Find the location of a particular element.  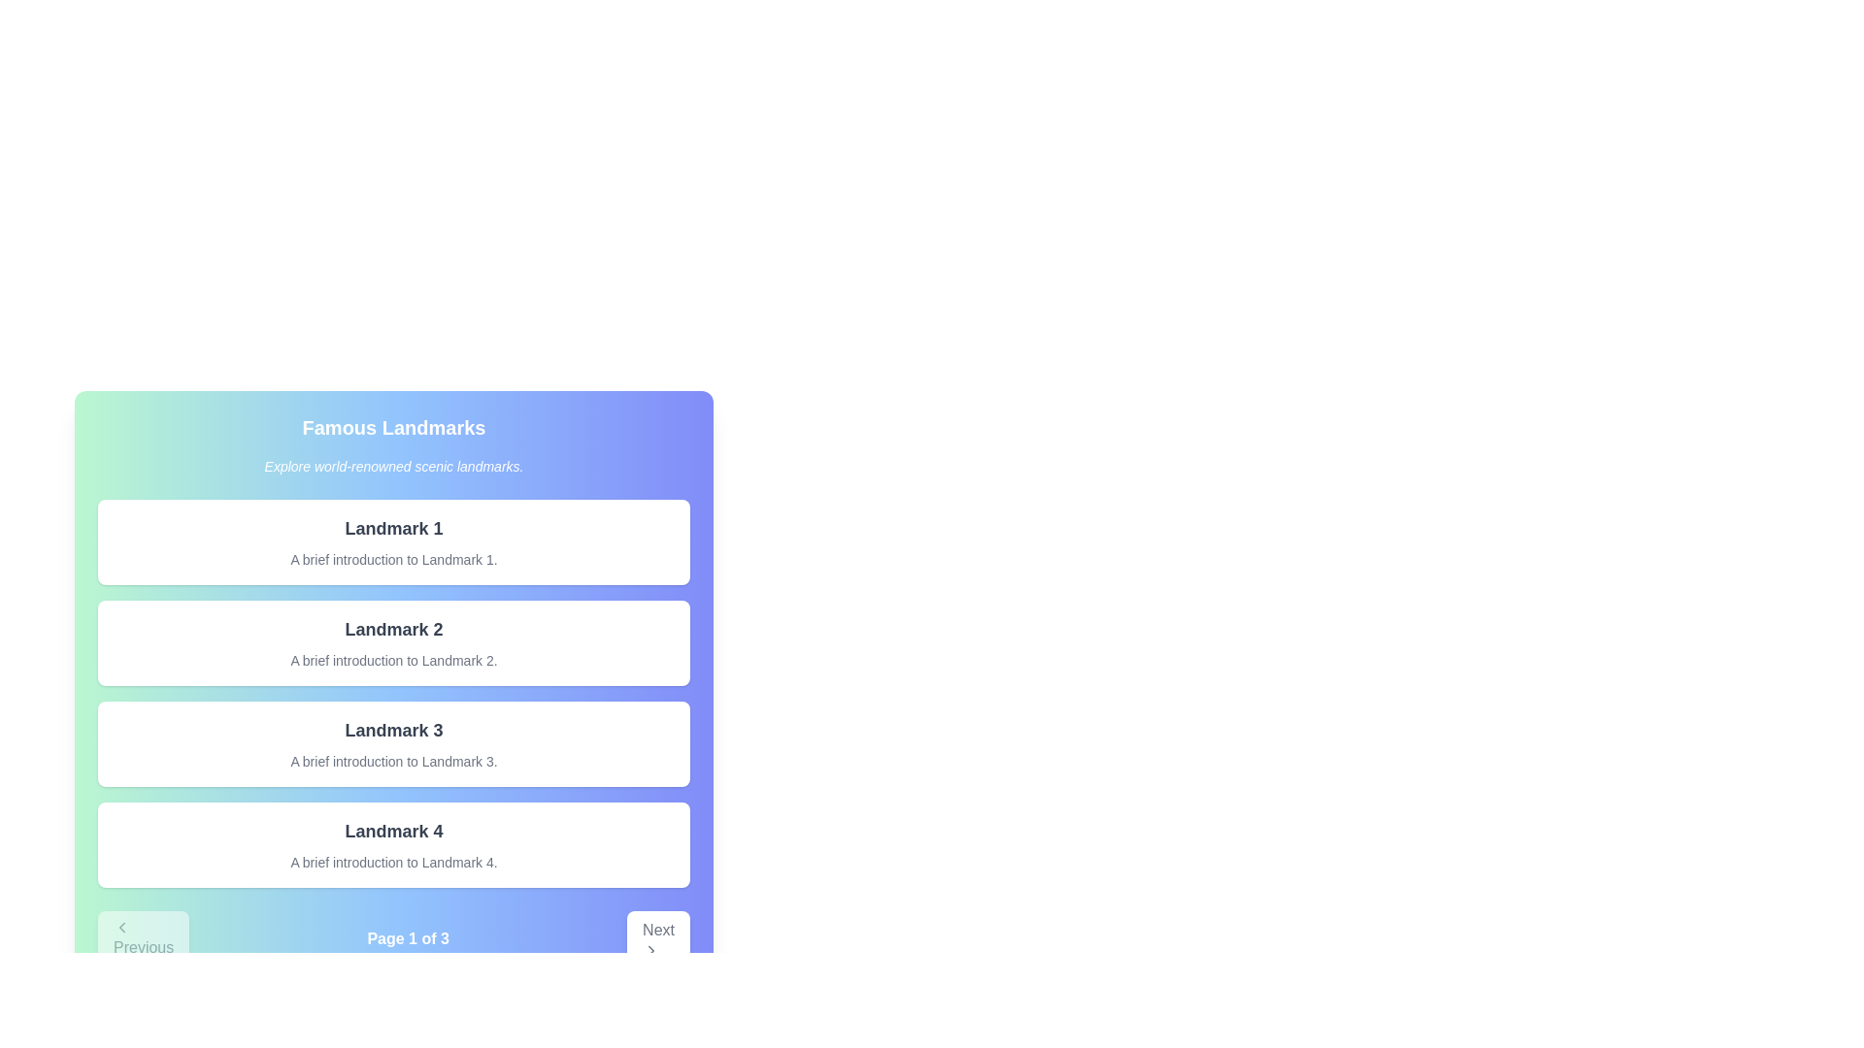

the left navigation button located at the bottom of the interface is located at coordinates (143, 938).